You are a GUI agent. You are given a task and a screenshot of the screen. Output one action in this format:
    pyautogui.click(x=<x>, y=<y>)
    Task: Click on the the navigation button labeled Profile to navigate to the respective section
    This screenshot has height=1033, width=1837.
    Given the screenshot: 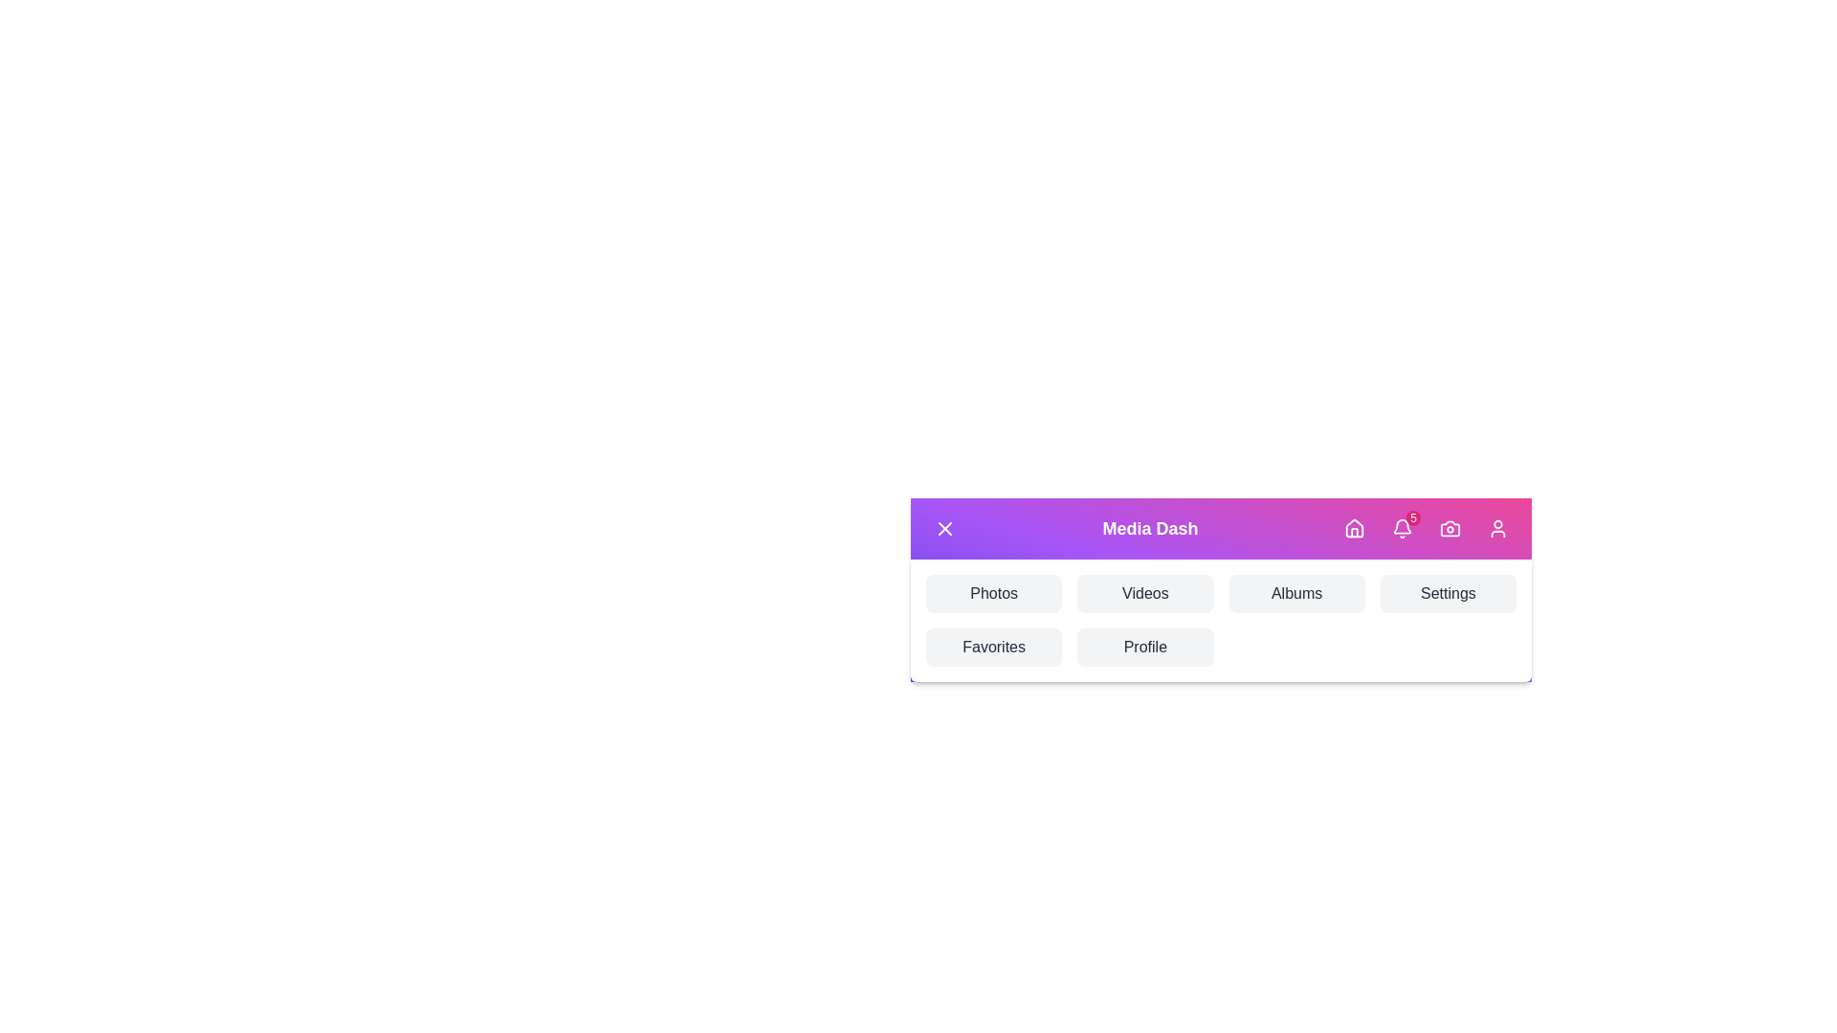 What is the action you would take?
    pyautogui.click(x=1145, y=647)
    